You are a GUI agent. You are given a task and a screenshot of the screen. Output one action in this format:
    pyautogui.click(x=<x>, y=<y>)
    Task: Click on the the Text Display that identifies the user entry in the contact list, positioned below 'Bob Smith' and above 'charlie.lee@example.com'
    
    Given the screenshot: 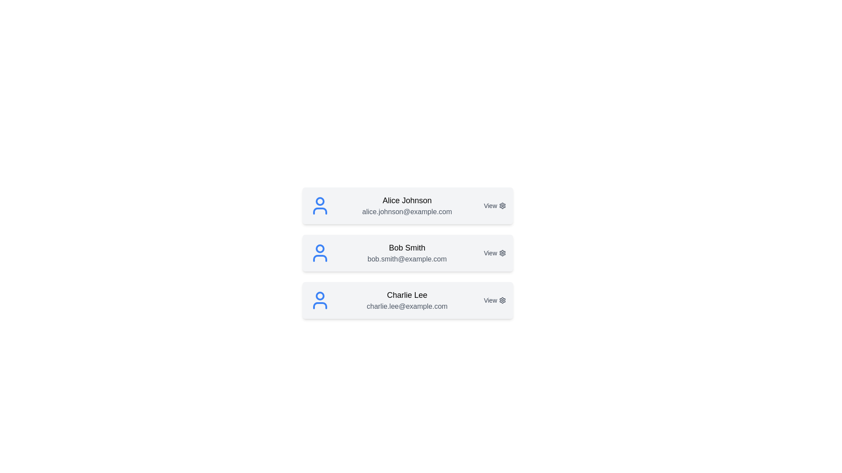 What is the action you would take?
    pyautogui.click(x=407, y=295)
    